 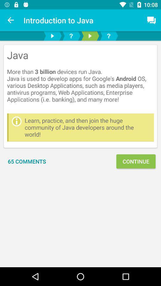 What do you see at coordinates (27, 161) in the screenshot?
I see `the item to the left of the continue` at bounding box center [27, 161].